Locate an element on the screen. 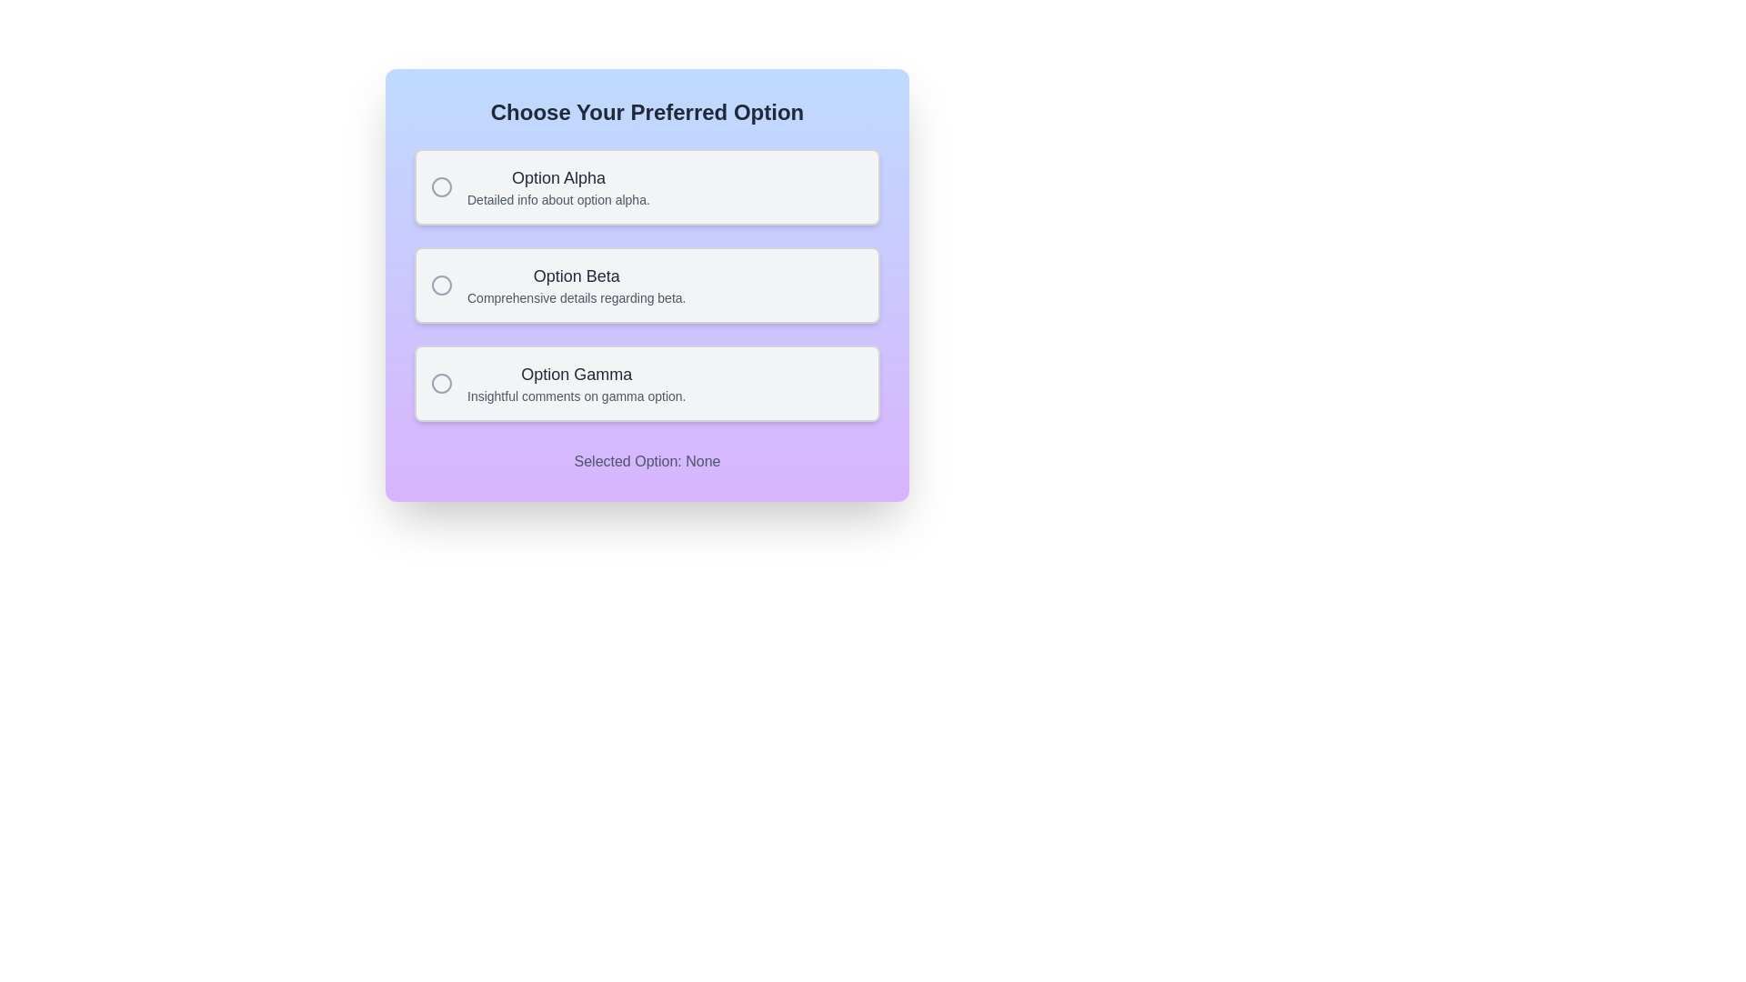 Image resolution: width=1746 pixels, height=982 pixels. the 'Option Beta' radio button is located at coordinates (441, 285).